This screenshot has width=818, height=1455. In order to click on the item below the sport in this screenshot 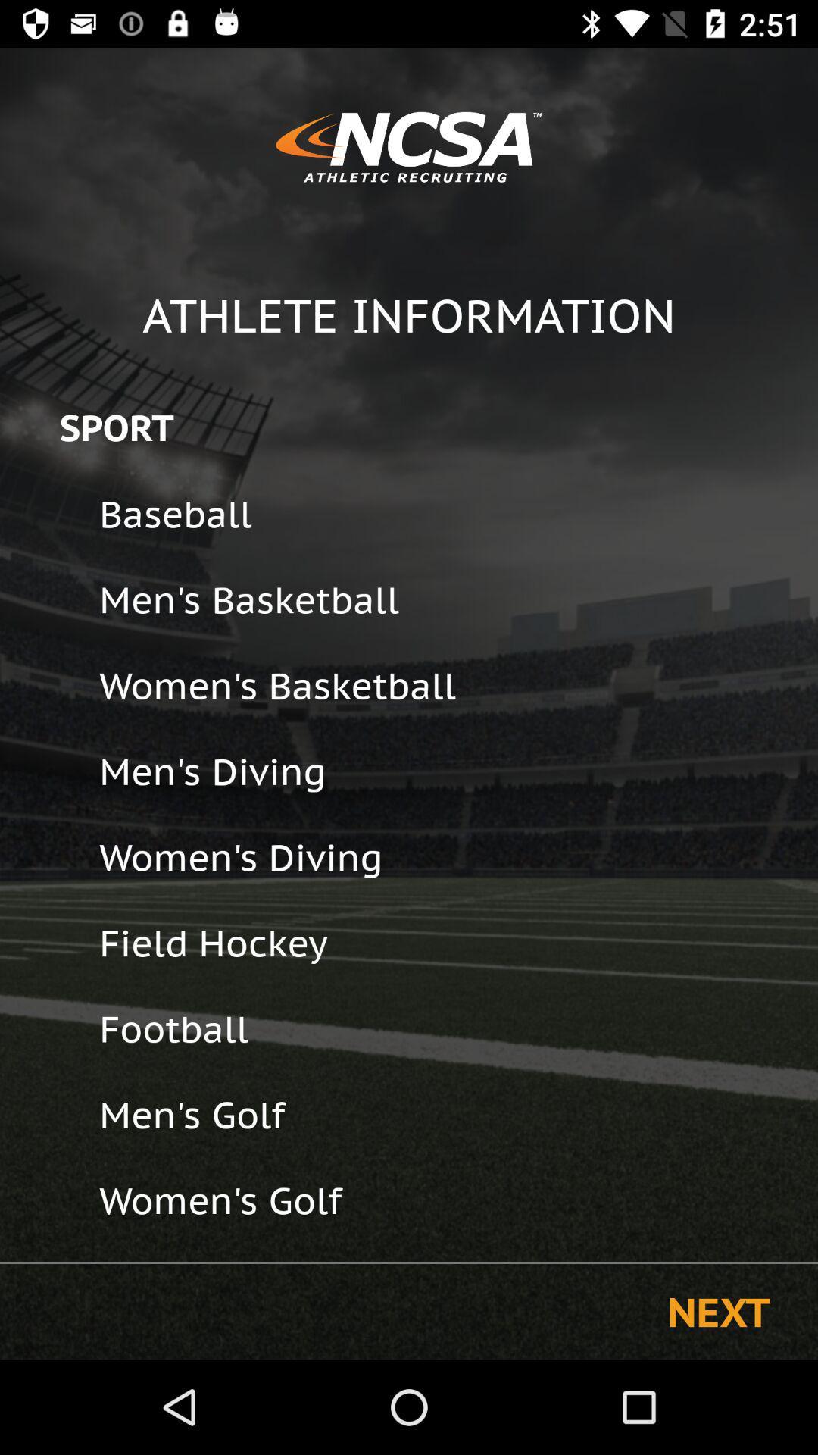, I will do `click(448, 514)`.